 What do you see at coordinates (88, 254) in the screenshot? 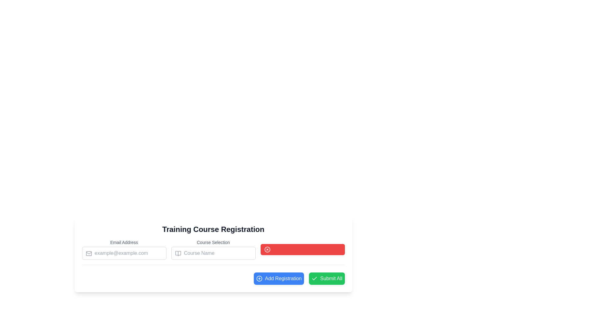
I see `the gray envelope icon that serves as a decorative indicator for the email input field, positioned on the left edge of the 'Email Address' input area` at bounding box center [88, 254].